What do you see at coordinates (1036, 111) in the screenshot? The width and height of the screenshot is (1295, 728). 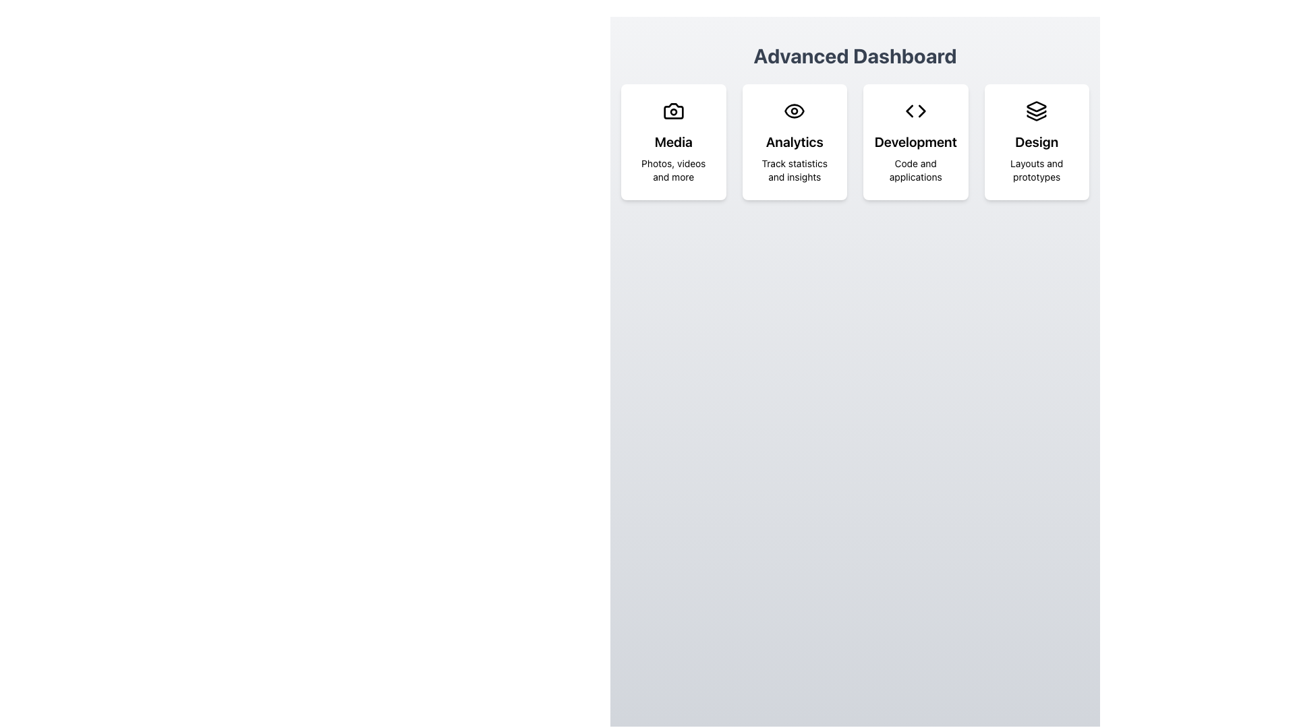 I see `the layers icon (SVG) located in the top section of the rightmost 'Design' card on the main dashboard` at bounding box center [1036, 111].